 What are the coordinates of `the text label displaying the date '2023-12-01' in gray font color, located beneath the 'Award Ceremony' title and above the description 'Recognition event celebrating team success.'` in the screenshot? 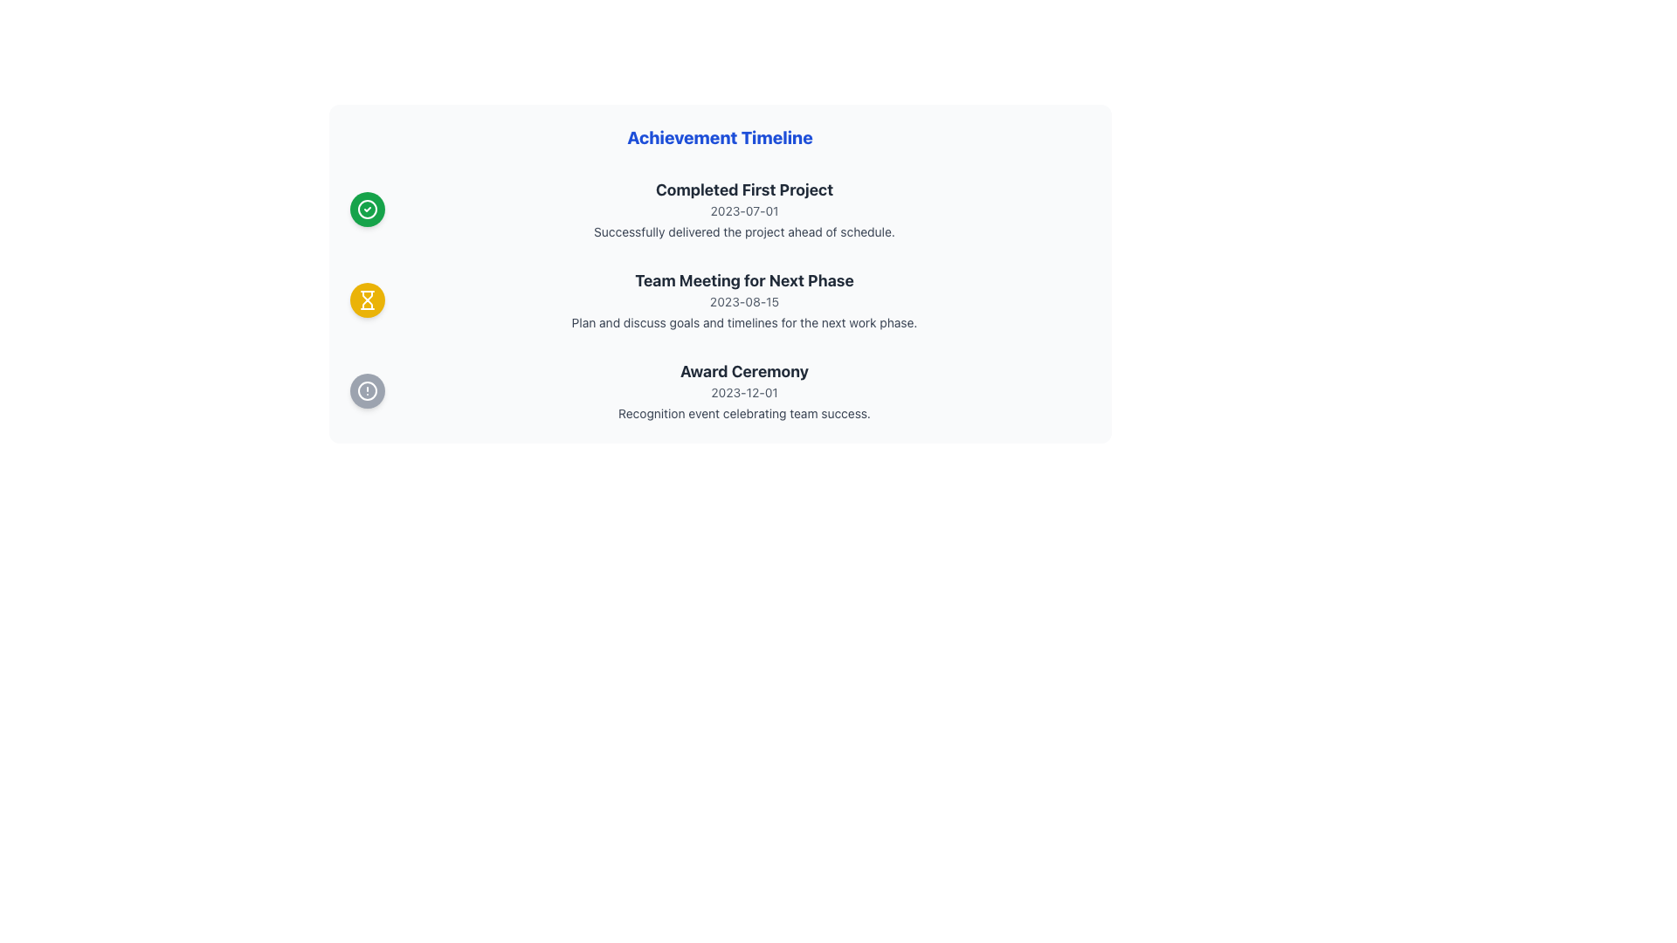 It's located at (744, 393).